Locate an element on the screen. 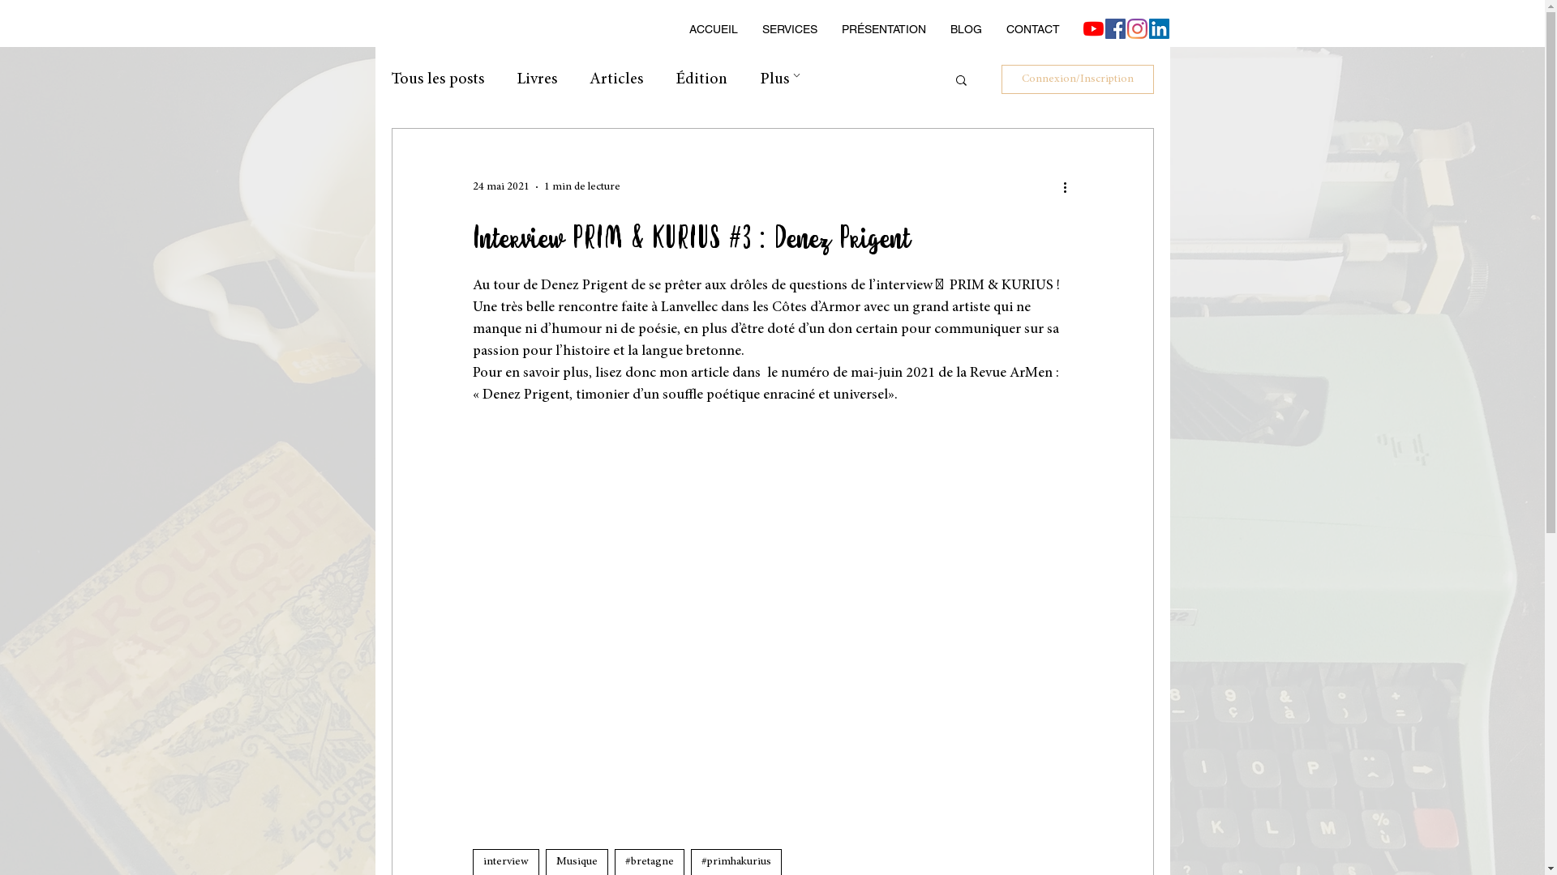 The image size is (1557, 875). 'Articles' is located at coordinates (614, 79).